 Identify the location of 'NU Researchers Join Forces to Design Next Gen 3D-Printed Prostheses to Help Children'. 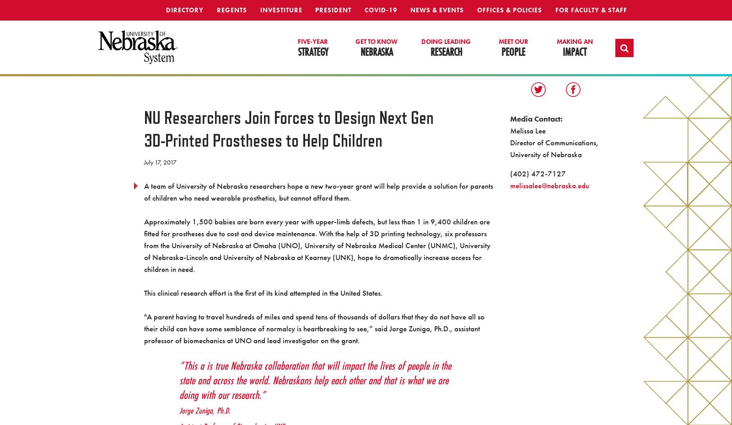
(288, 128).